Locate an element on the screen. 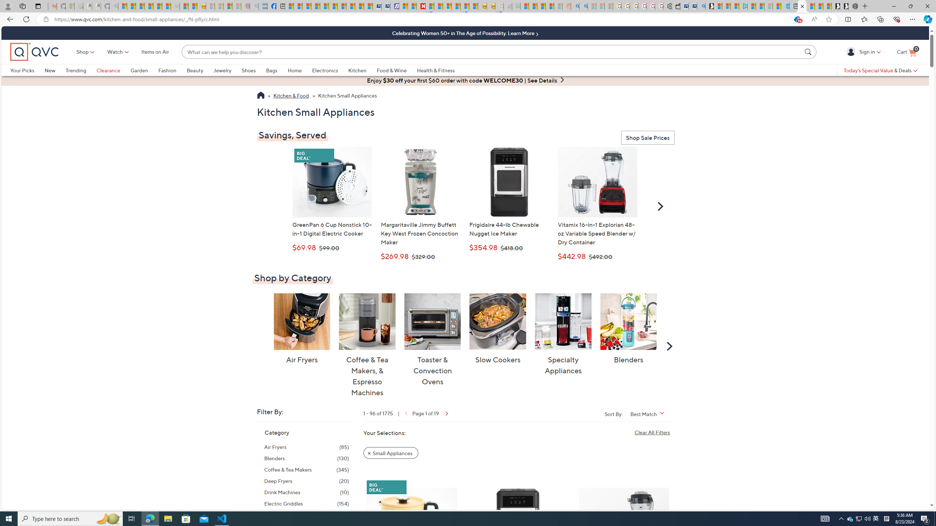 The image size is (936, 526). 'Shop Sale Prices' is located at coordinates (647, 138).